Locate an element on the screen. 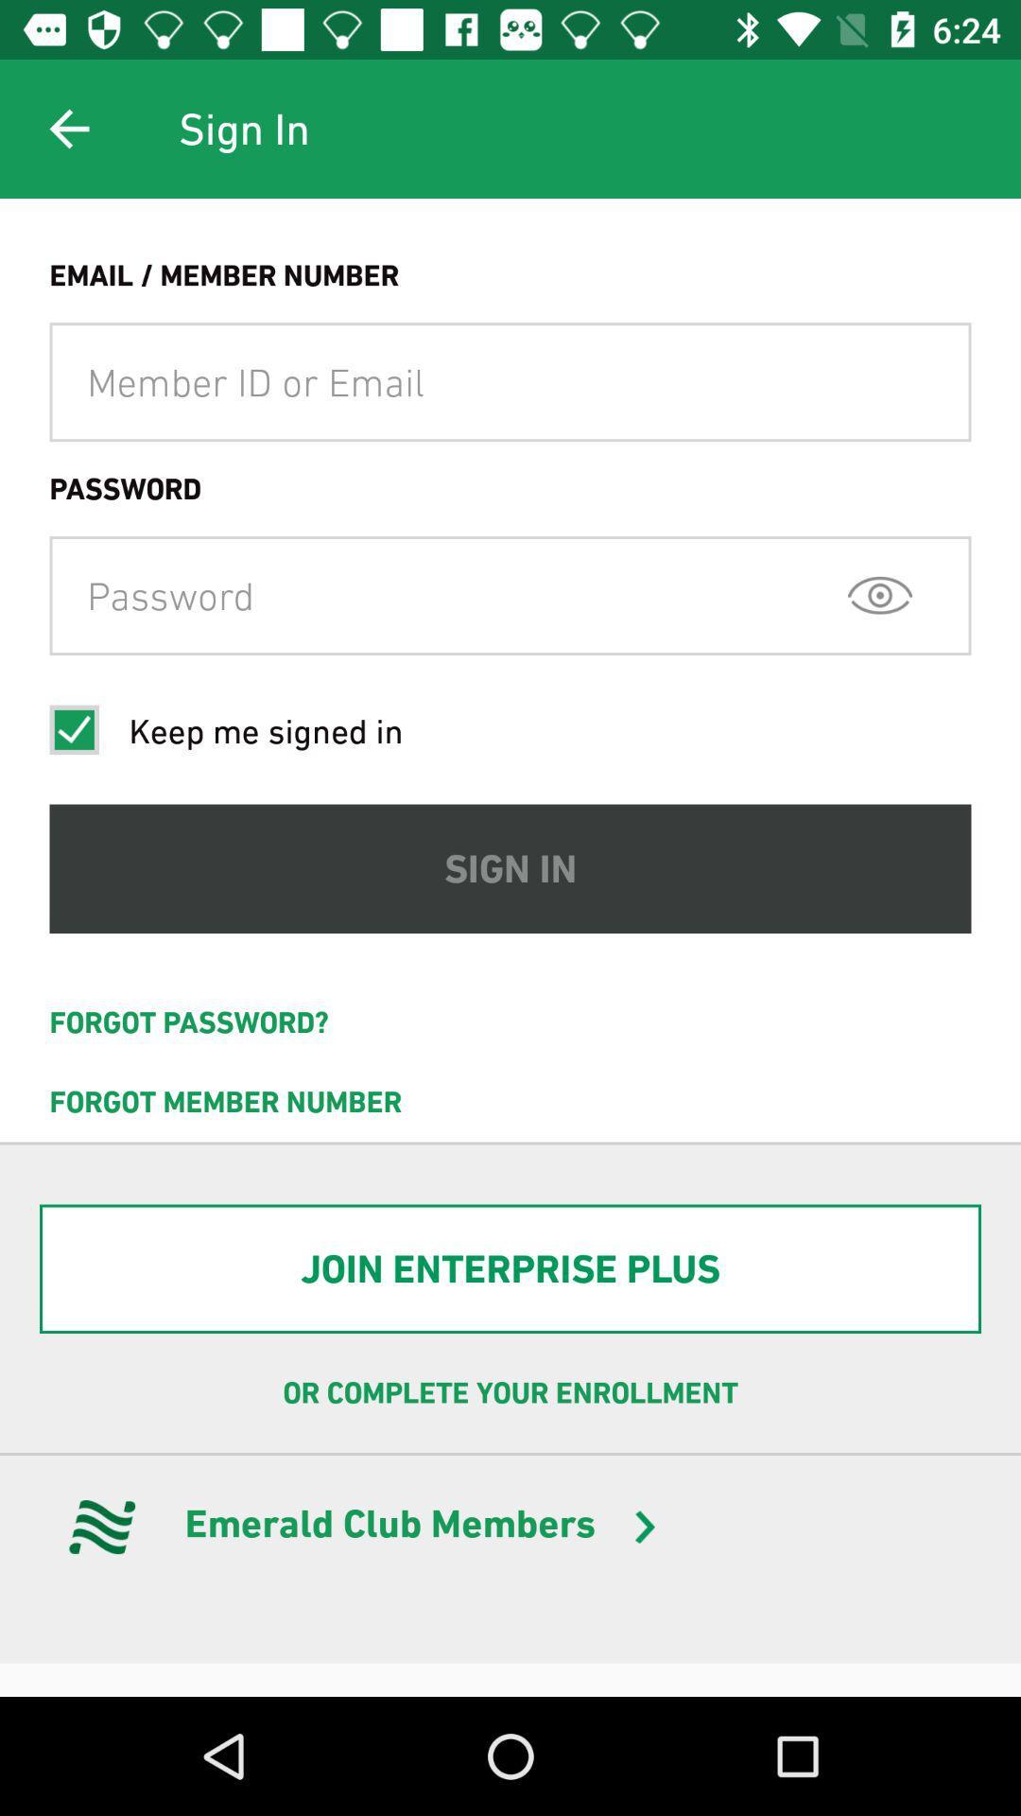  the item below the sign in is located at coordinates (510, 1021).